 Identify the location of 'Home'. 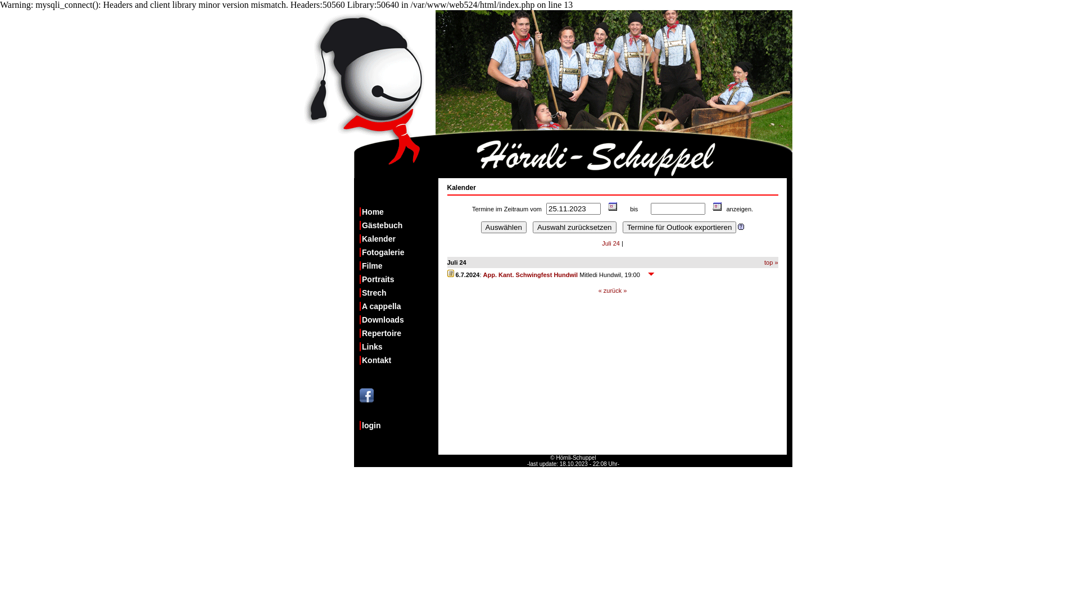
(399, 212).